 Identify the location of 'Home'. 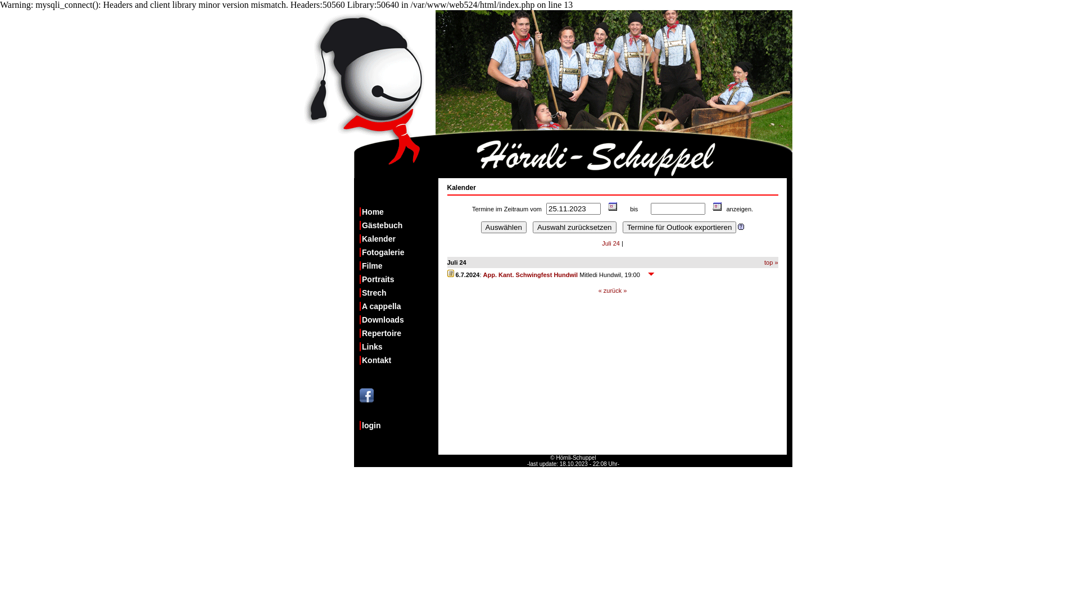
(399, 212).